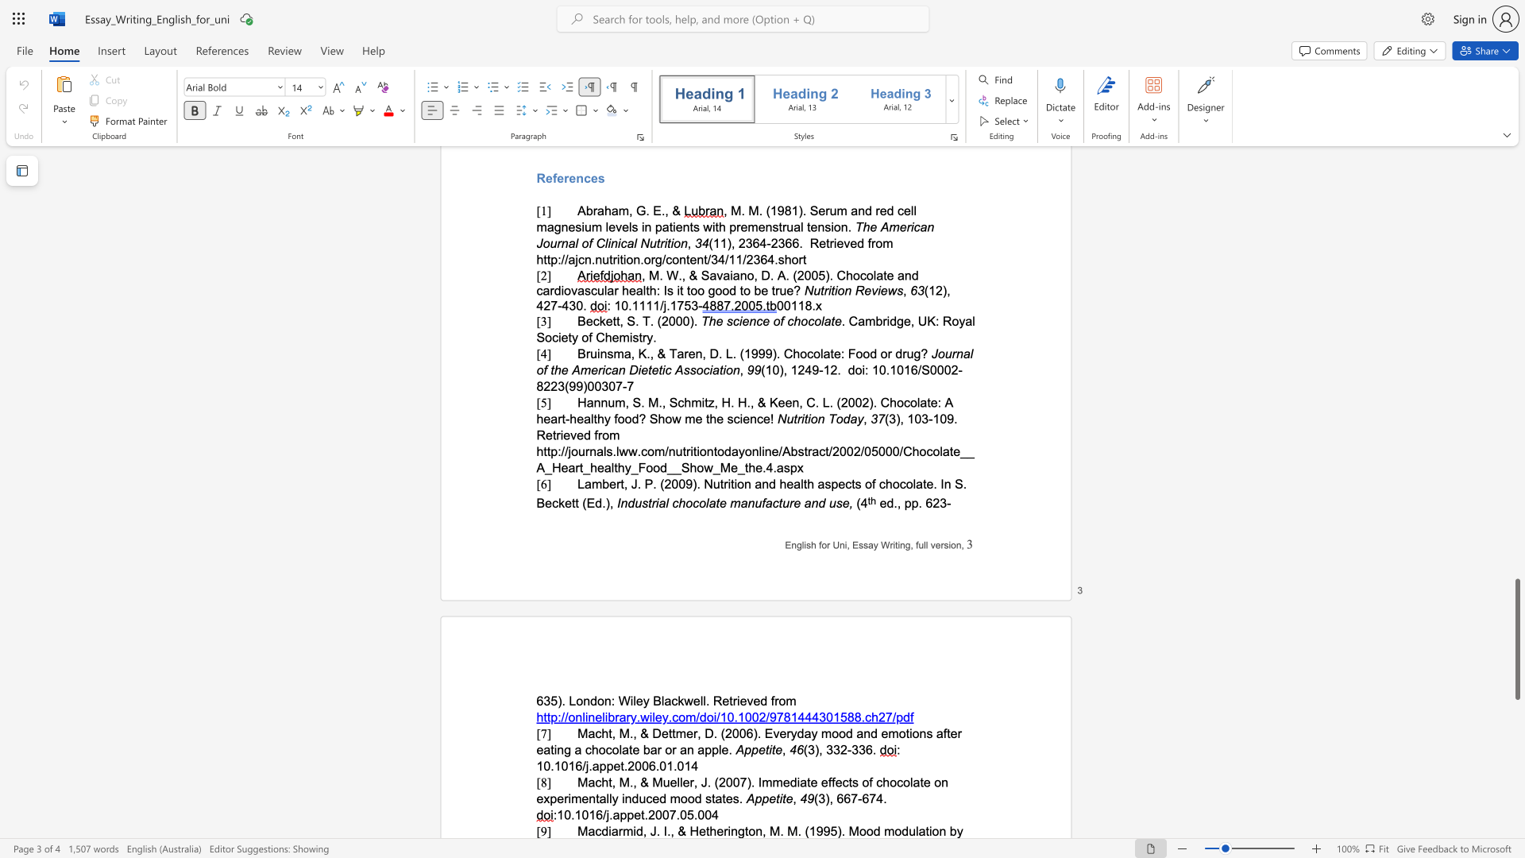  Describe the element at coordinates (1516, 483) in the screenshot. I see `the scrollbar to scroll the page up` at that location.